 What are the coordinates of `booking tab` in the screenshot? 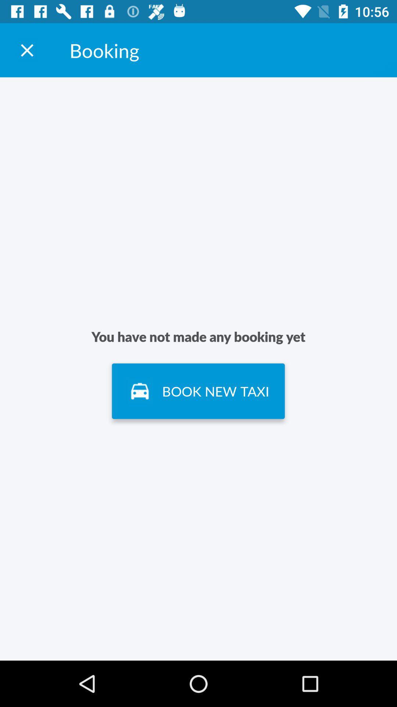 It's located at (26, 50).